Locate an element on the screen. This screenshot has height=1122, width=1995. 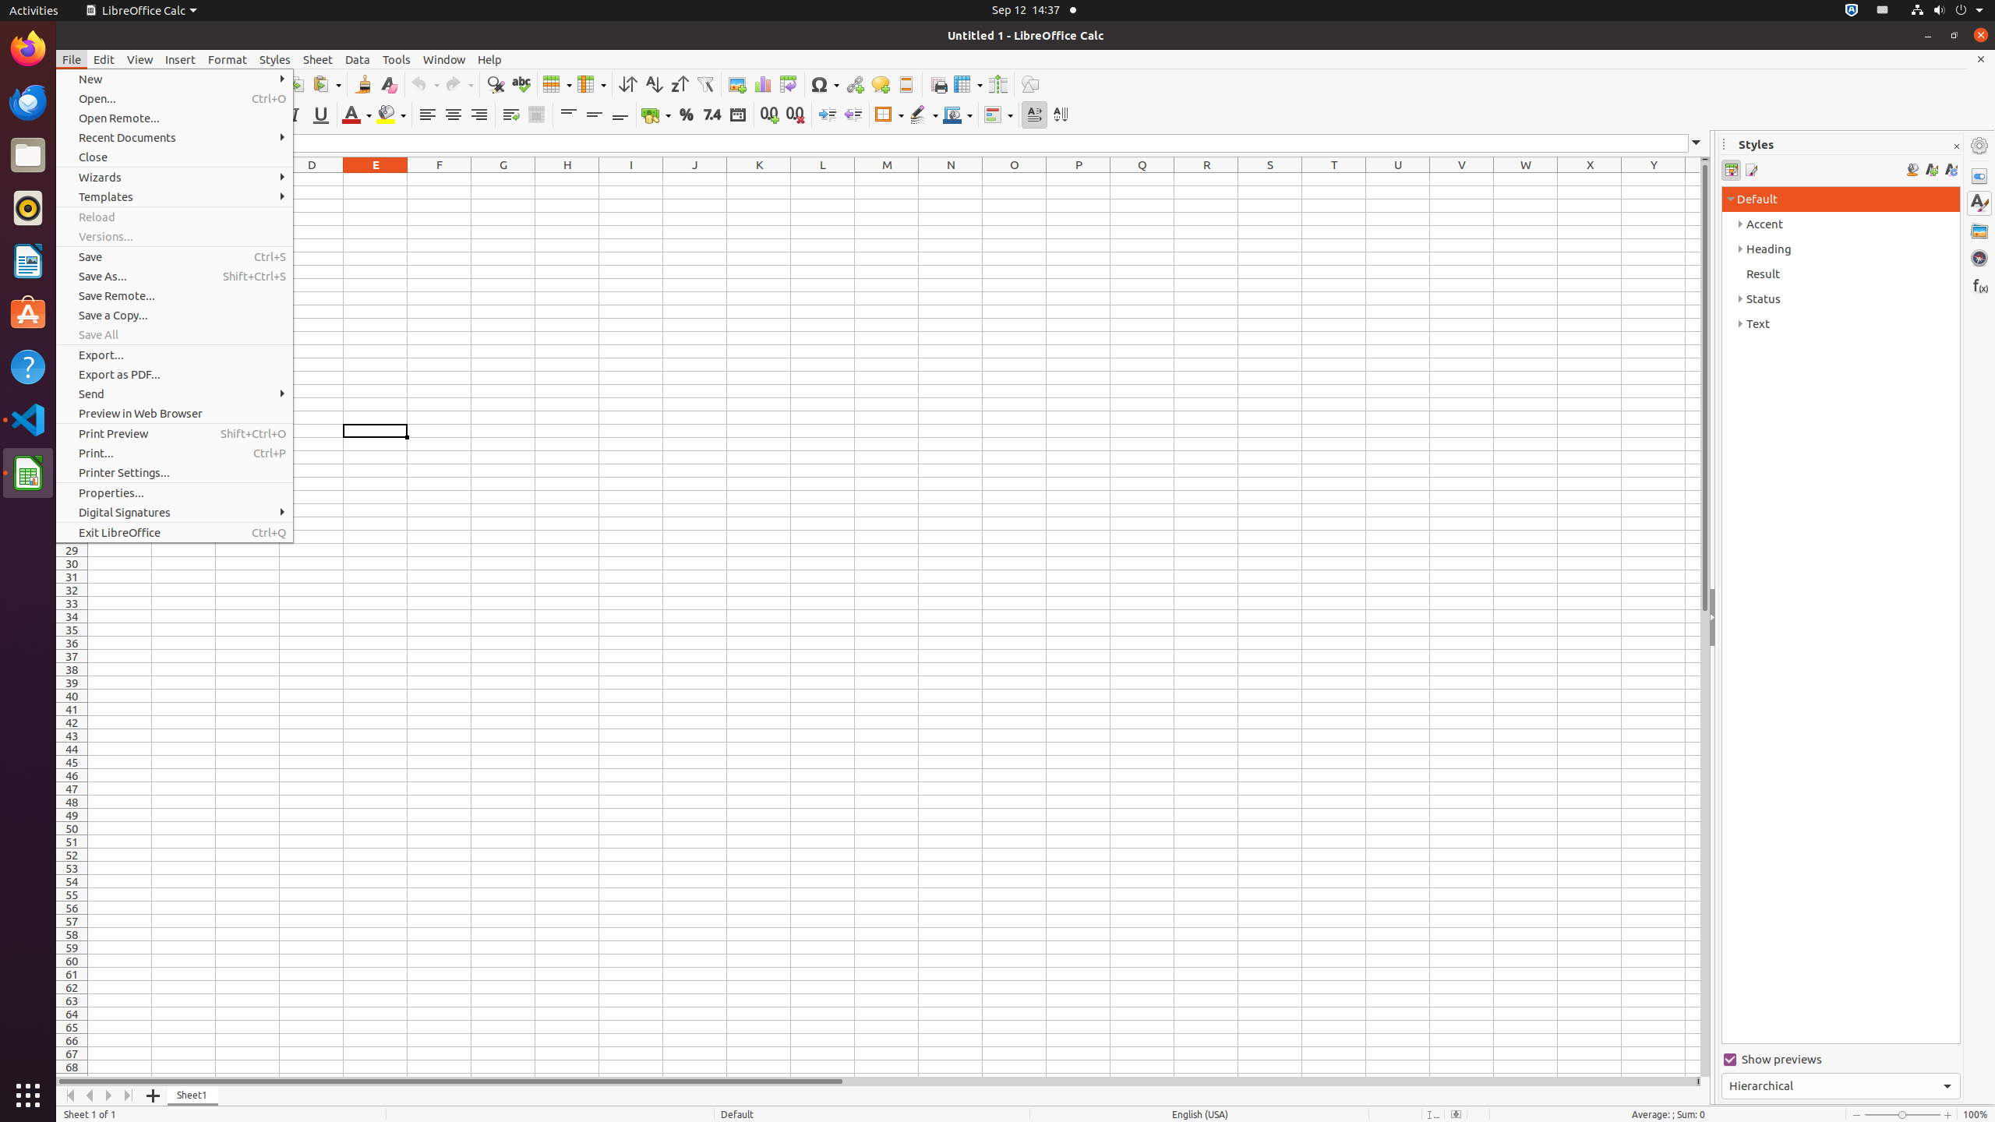
'Close' is located at coordinates (175, 156).